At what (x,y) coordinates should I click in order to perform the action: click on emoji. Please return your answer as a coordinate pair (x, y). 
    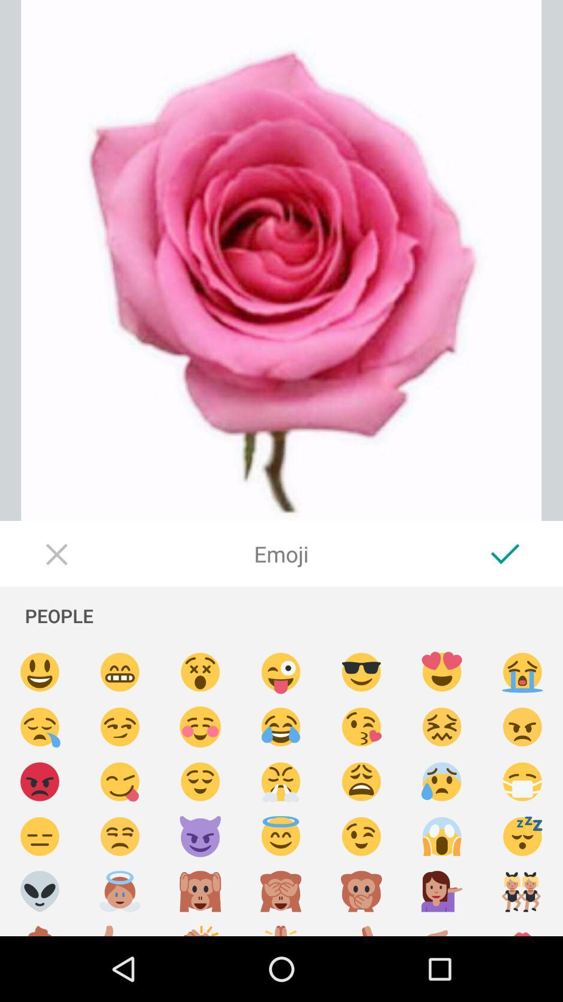
    Looking at the image, I should click on (119, 837).